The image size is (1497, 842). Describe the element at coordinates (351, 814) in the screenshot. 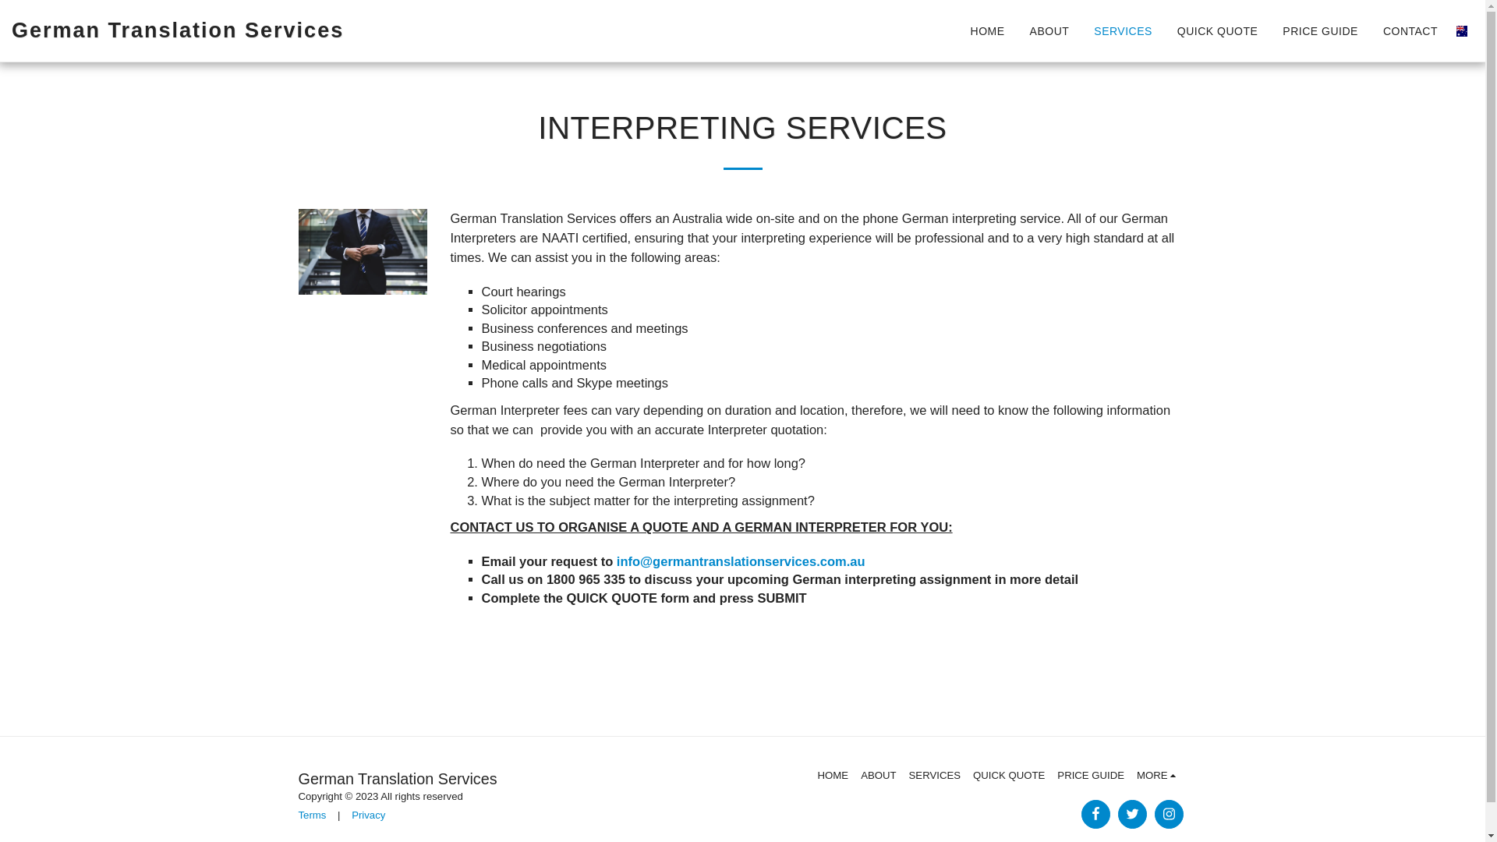

I see `'Privacy'` at that location.